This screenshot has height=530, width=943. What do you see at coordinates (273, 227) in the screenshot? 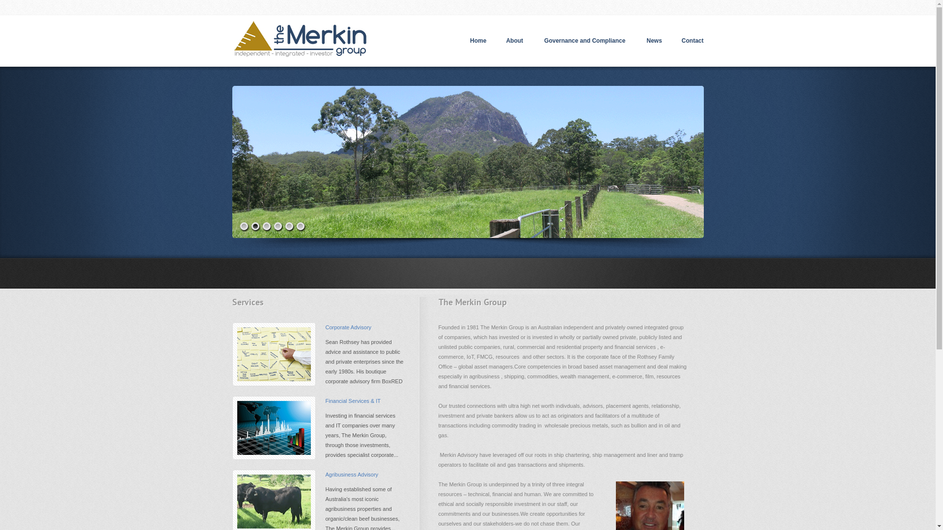
I see `'4'` at bounding box center [273, 227].